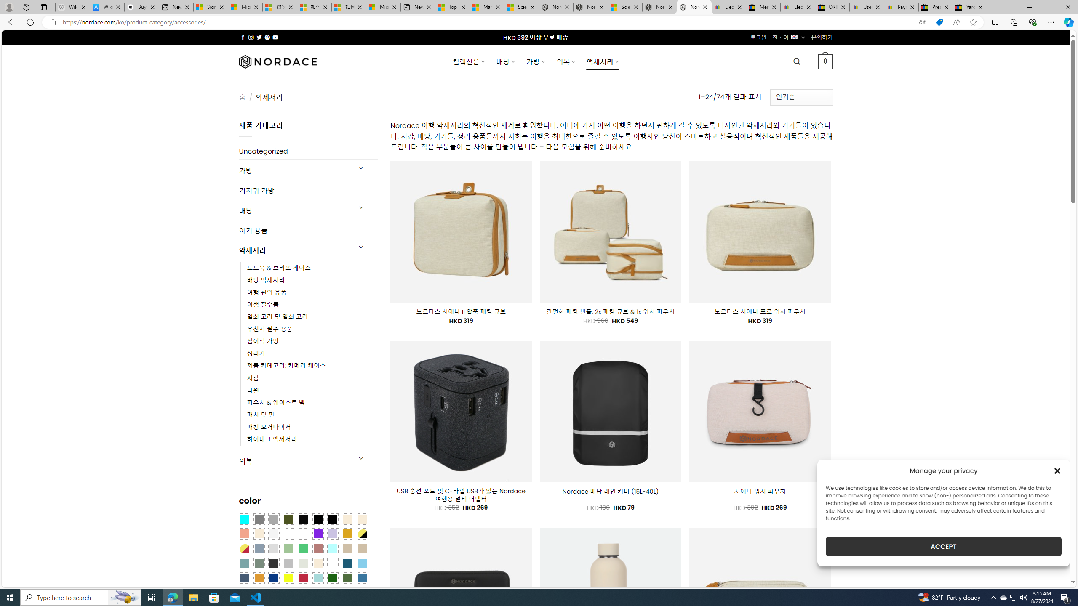 Image resolution: width=1078 pixels, height=606 pixels. Describe the element at coordinates (258, 533) in the screenshot. I see `'Cream'` at that location.